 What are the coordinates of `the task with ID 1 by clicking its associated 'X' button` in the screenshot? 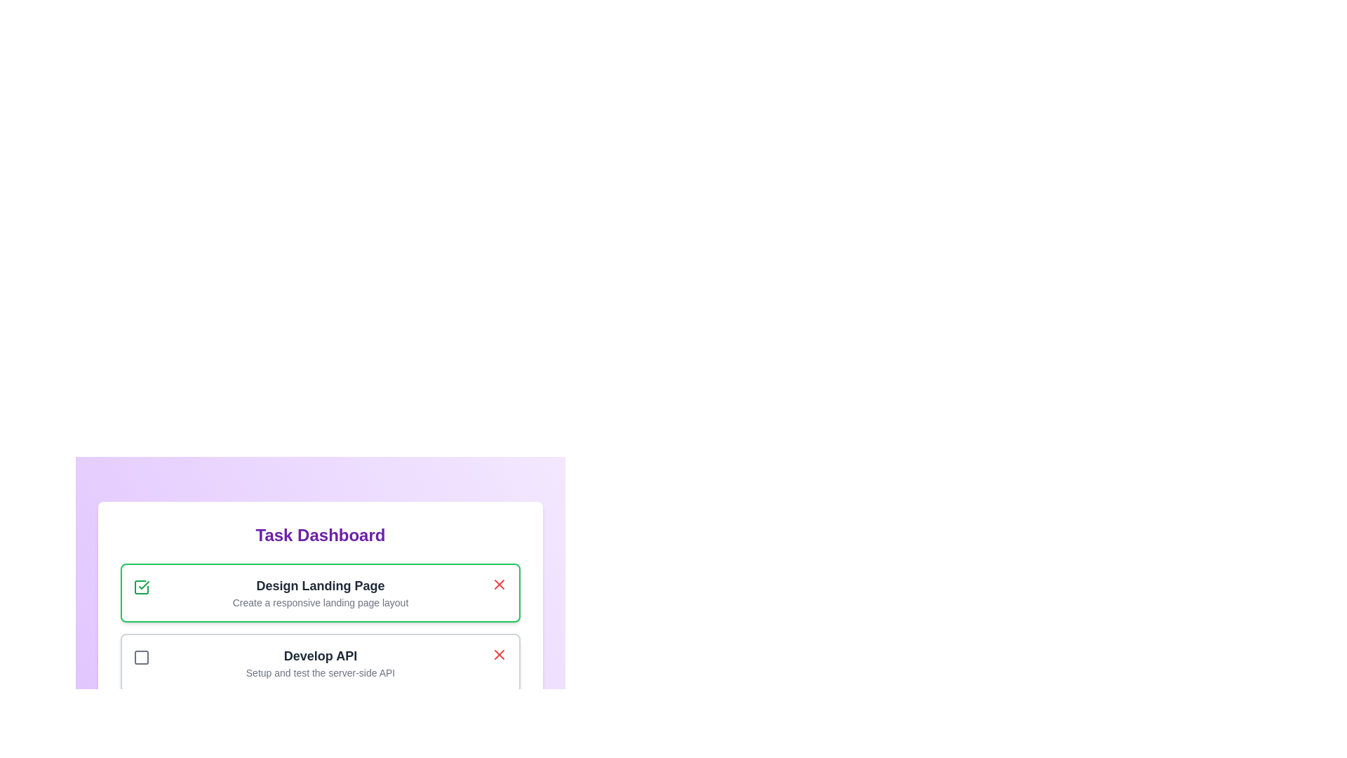 It's located at (499, 585).